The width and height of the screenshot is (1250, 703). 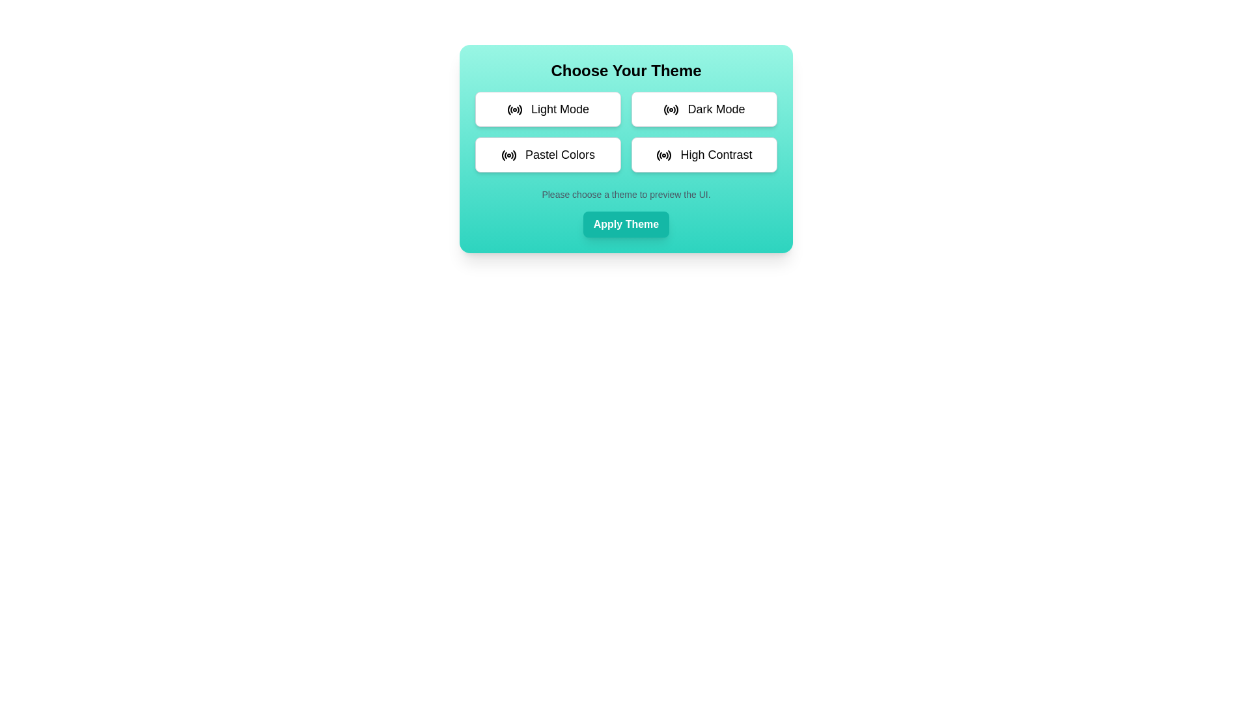 What do you see at coordinates (703, 154) in the screenshot?
I see `the 'High Contrast' button, which is a rectangular button with rounded corners, featuring a white background, gray border, and a radio-like icon to its left, located at the bottom-right of a 2x2 grid layout` at bounding box center [703, 154].